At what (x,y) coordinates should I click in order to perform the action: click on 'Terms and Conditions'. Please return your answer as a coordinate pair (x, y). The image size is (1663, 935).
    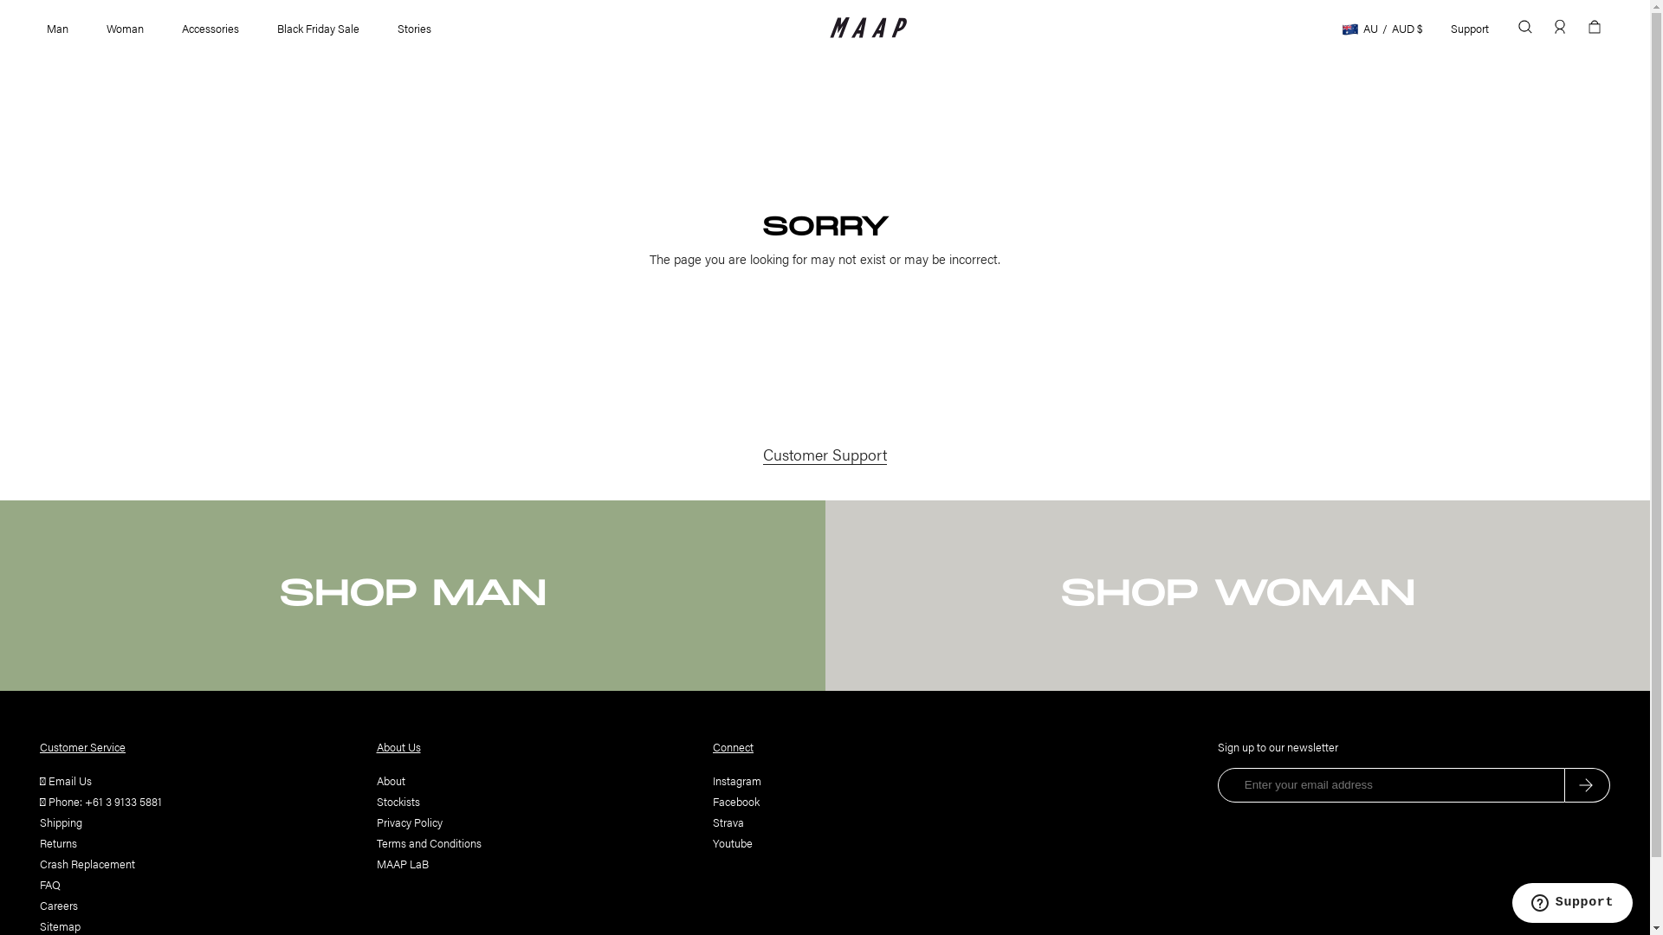
    Looking at the image, I should click on (374, 841).